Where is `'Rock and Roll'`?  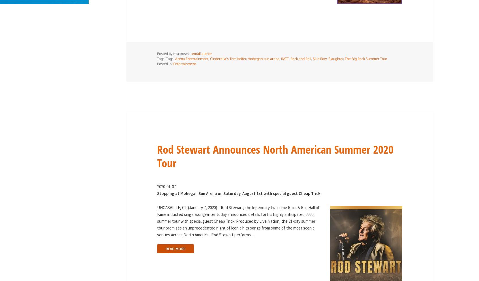 'Rock and Roll' is located at coordinates (300, 59).